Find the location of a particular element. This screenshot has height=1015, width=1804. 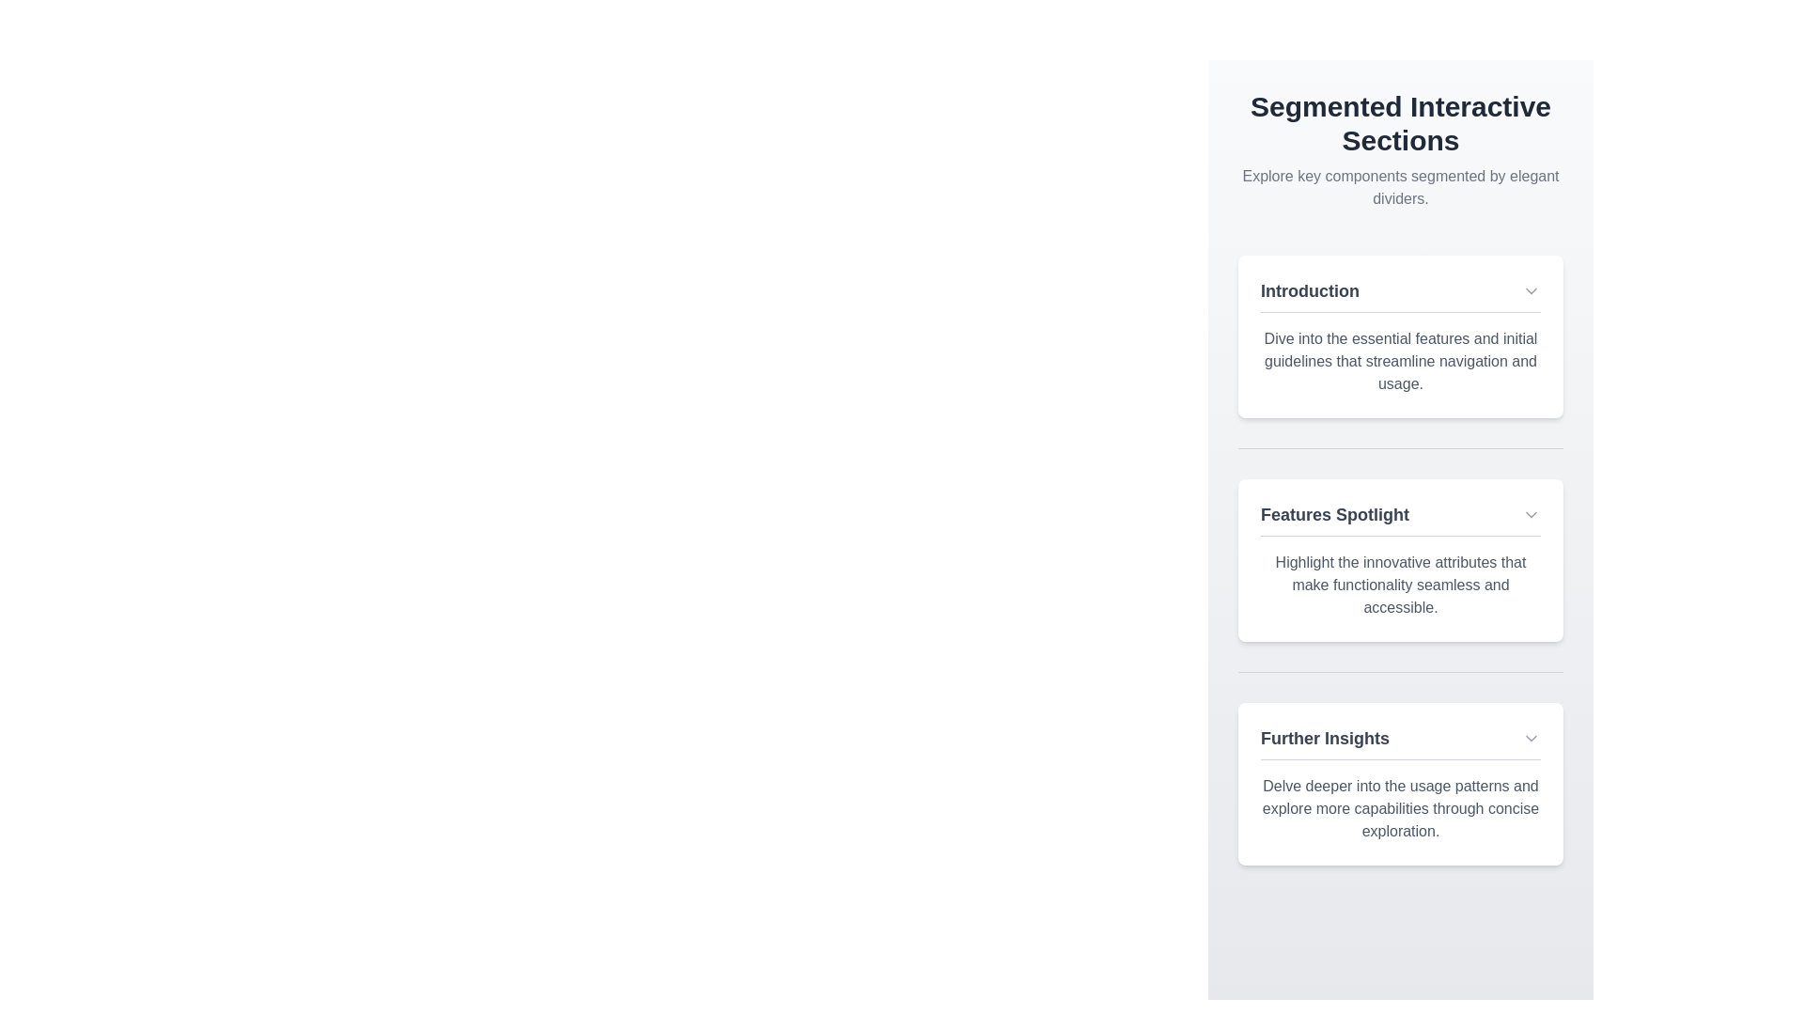

the downward-facing chevron icon button styled in gray located in the 'Further Insights' section is located at coordinates (1532, 738).